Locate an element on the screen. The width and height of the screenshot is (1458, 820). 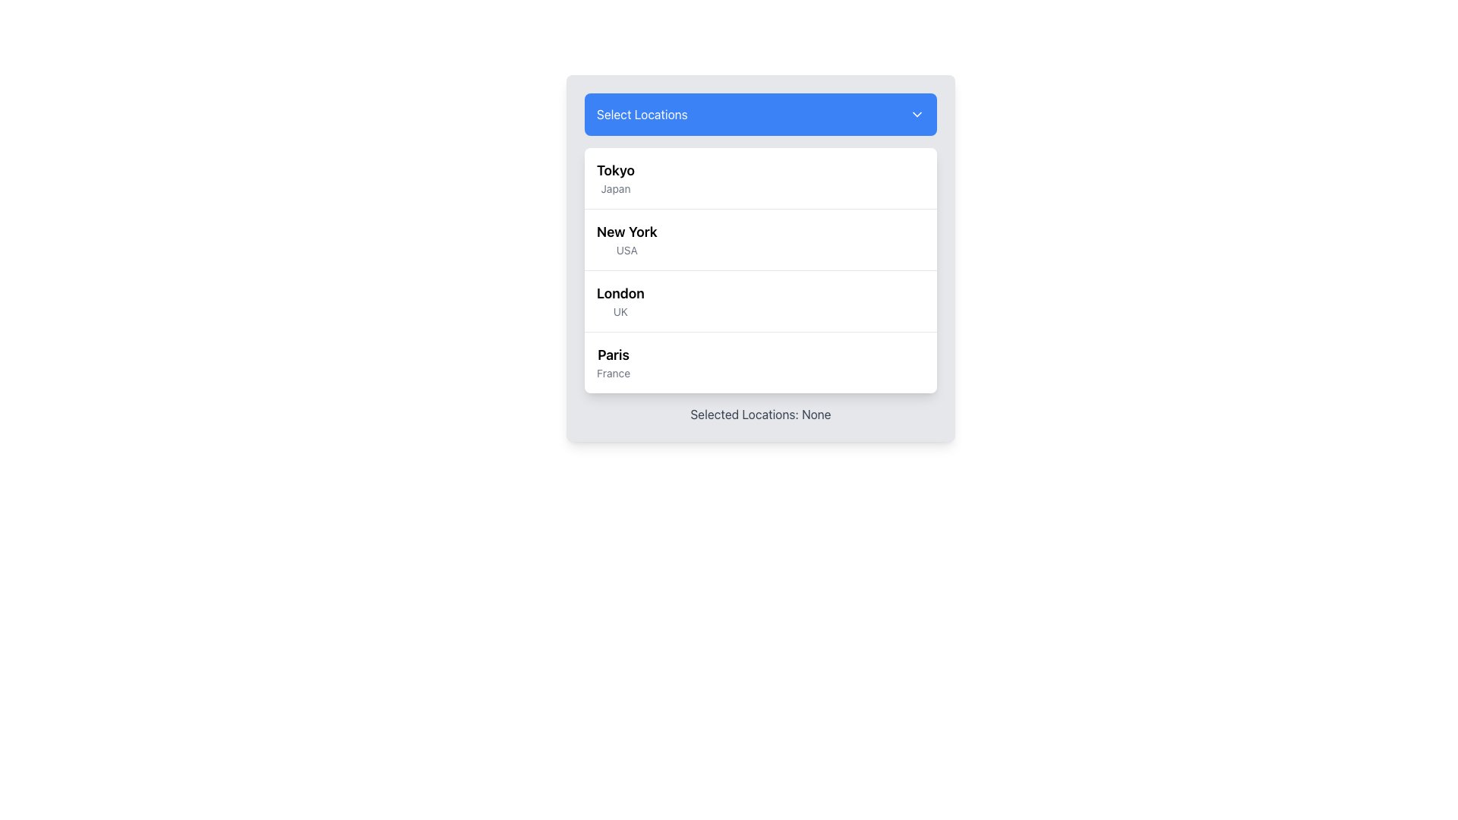
the second list item in the 'Select Locations' dropdown list, which displays 'USA' in a smaller gray font, positioned below 'Tokyo, Japan' and above 'London, UK' is located at coordinates (626, 239).